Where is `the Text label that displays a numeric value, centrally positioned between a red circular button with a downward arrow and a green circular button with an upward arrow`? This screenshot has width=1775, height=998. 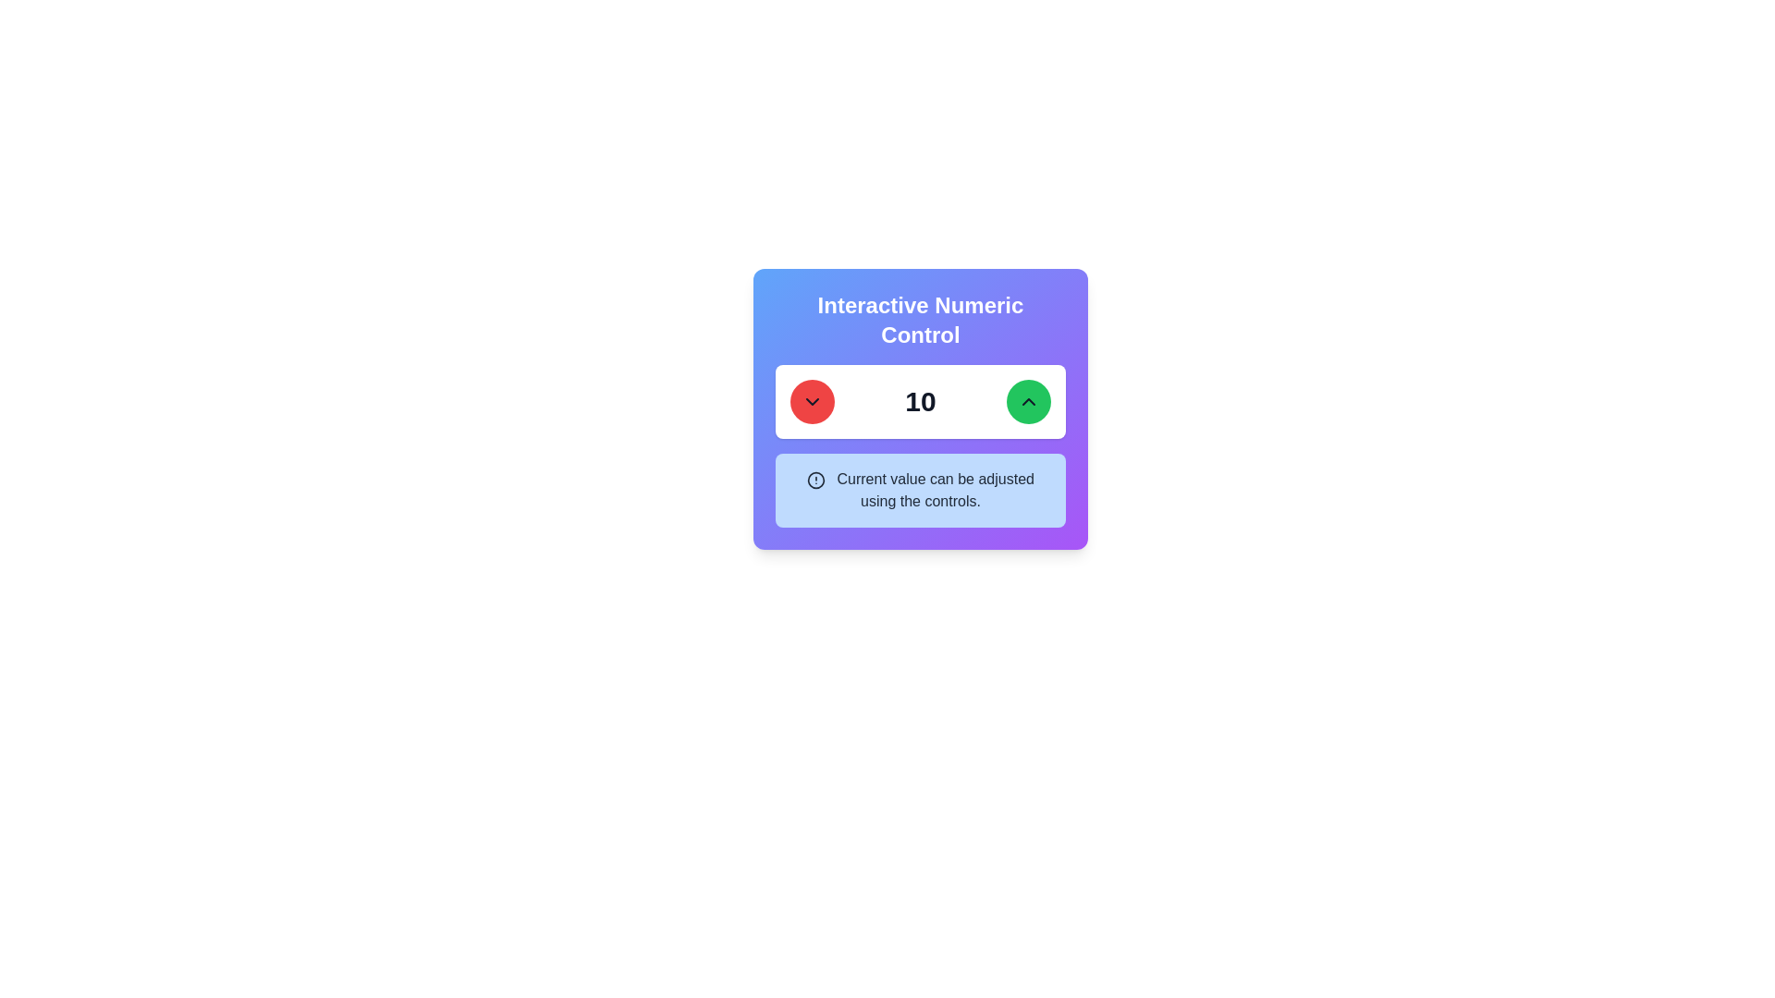
the Text label that displays a numeric value, centrally positioned between a red circular button with a downward arrow and a green circular button with an upward arrow is located at coordinates (921, 401).